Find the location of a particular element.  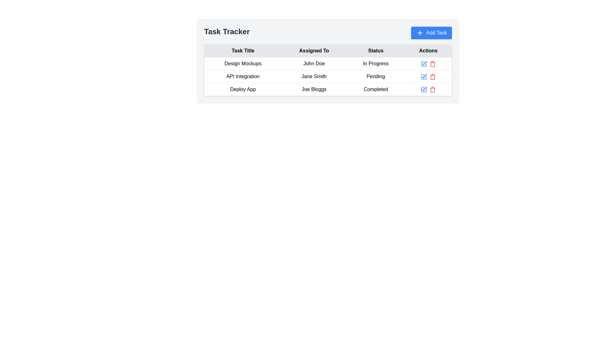

the text label displaying 'In Progress' within the table cell under the 'Status' column for the task 'Design Mockups' is located at coordinates (376, 64).